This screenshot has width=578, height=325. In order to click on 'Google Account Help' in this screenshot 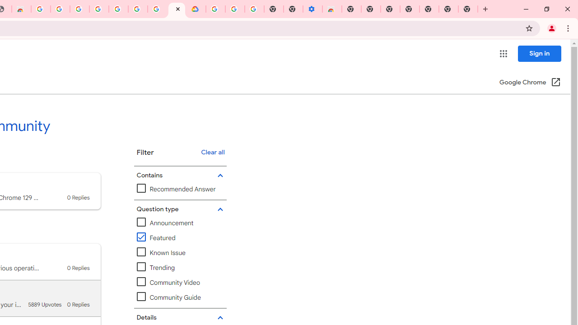, I will do `click(118, 9)`.